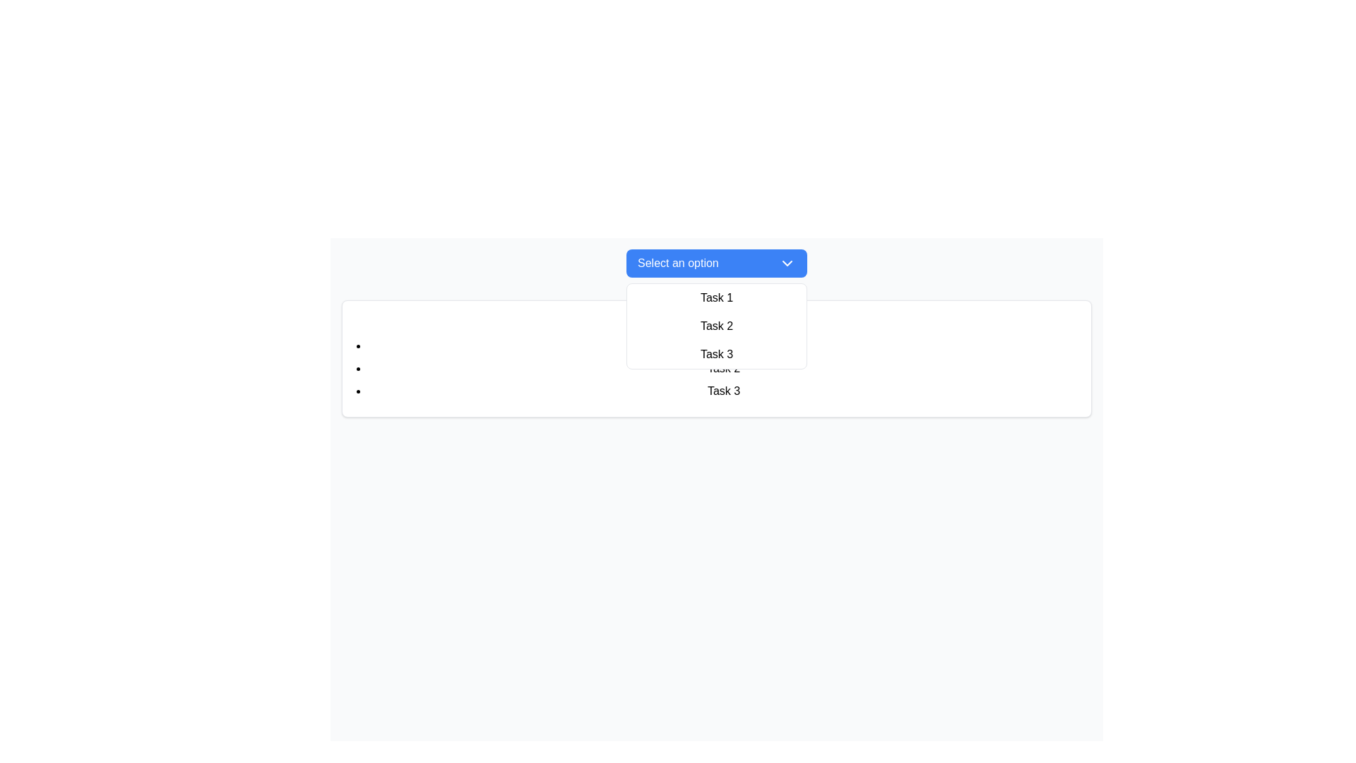 The image size is (1356, 763). I want to click on to select the text entry 'Task 2' in the dropdown menu, which is the second item positioned between 'Task 1' and 'Task 3', so click(716, 326).